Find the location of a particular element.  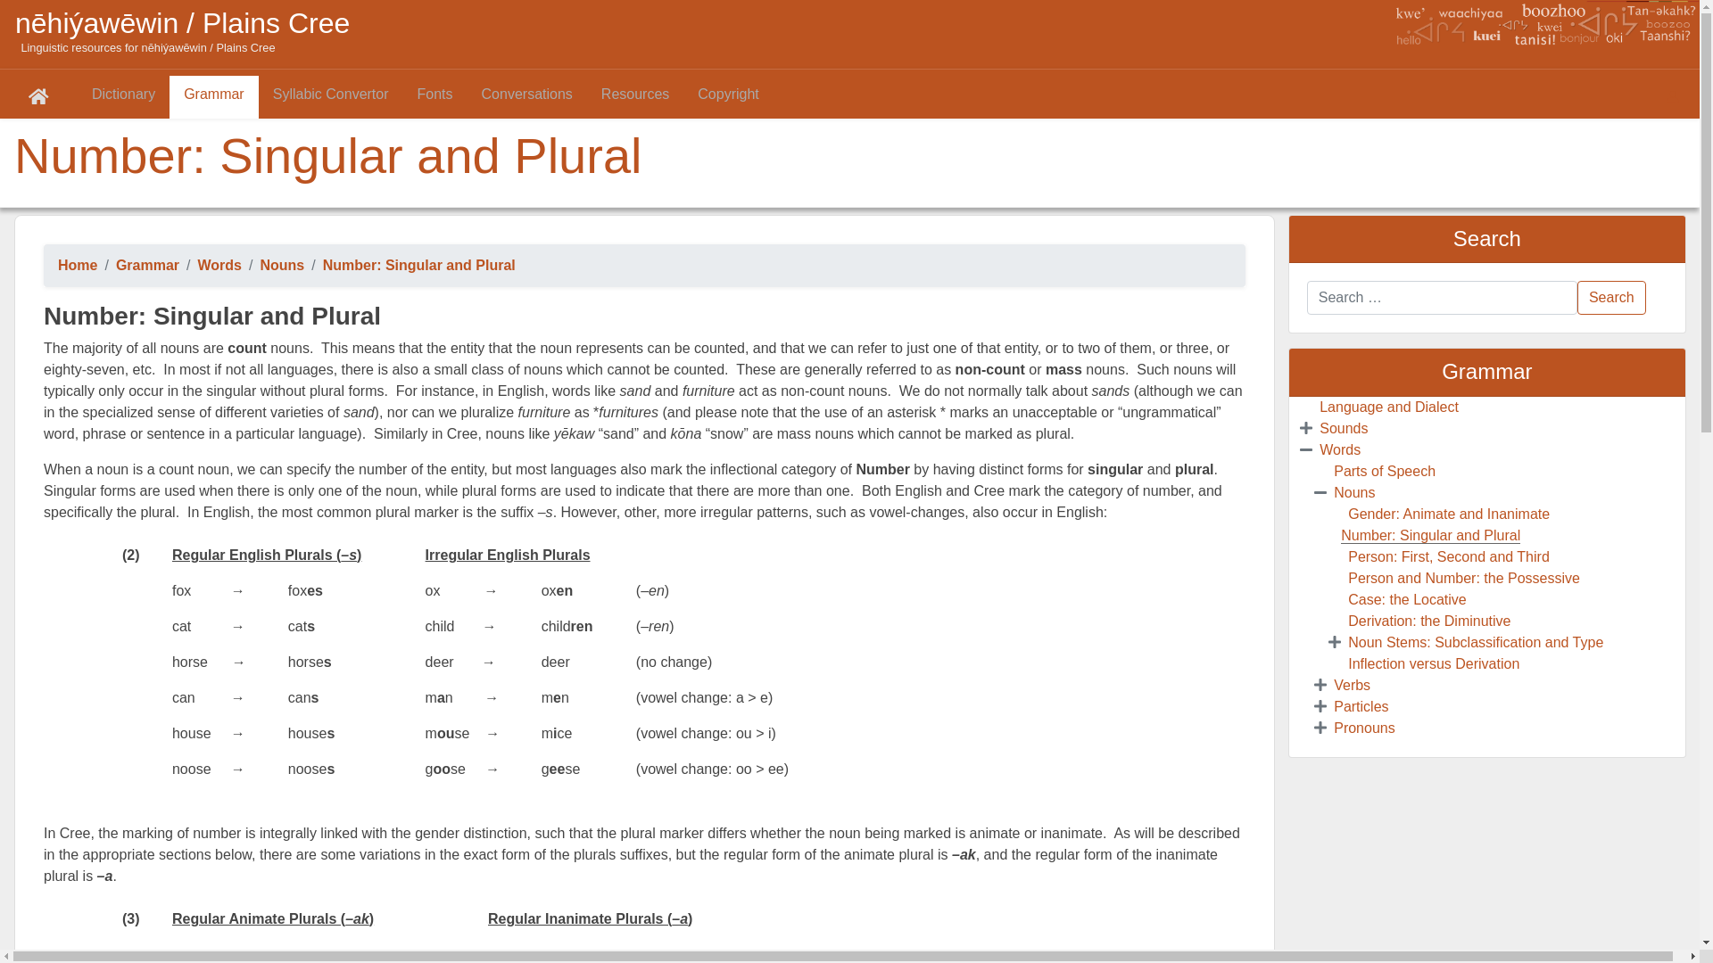

'Words' is located at coordinates (1319, 449).